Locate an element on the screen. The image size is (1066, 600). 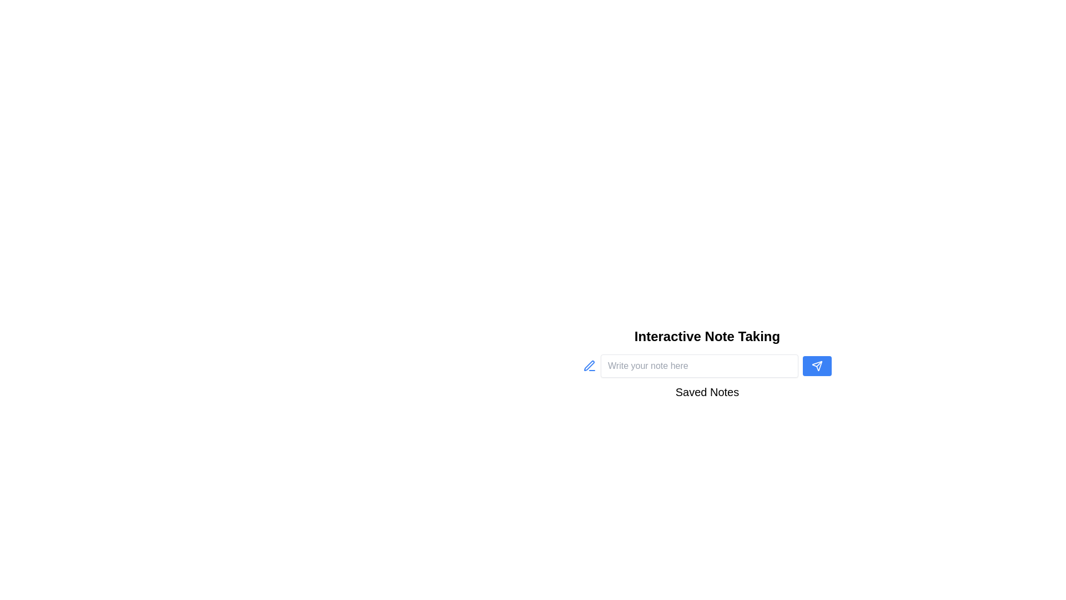
the button in the note-taking interface is located at coordinates (706, 366).